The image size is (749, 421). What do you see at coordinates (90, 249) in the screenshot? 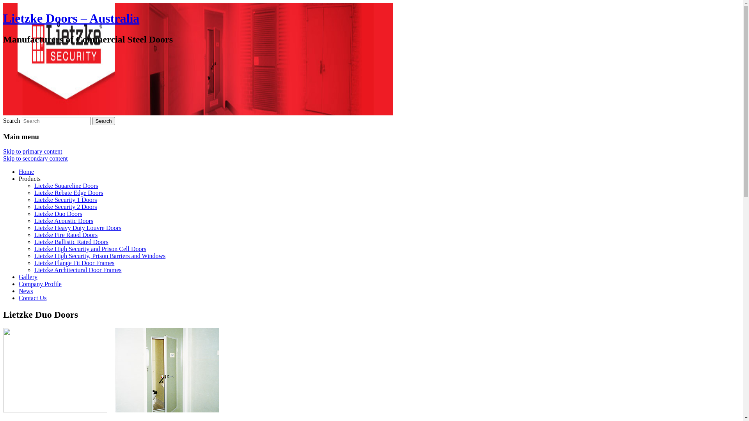
I see `'Lietzke High Security and Prison Cell Doors'` at bounding box center [90, 249].